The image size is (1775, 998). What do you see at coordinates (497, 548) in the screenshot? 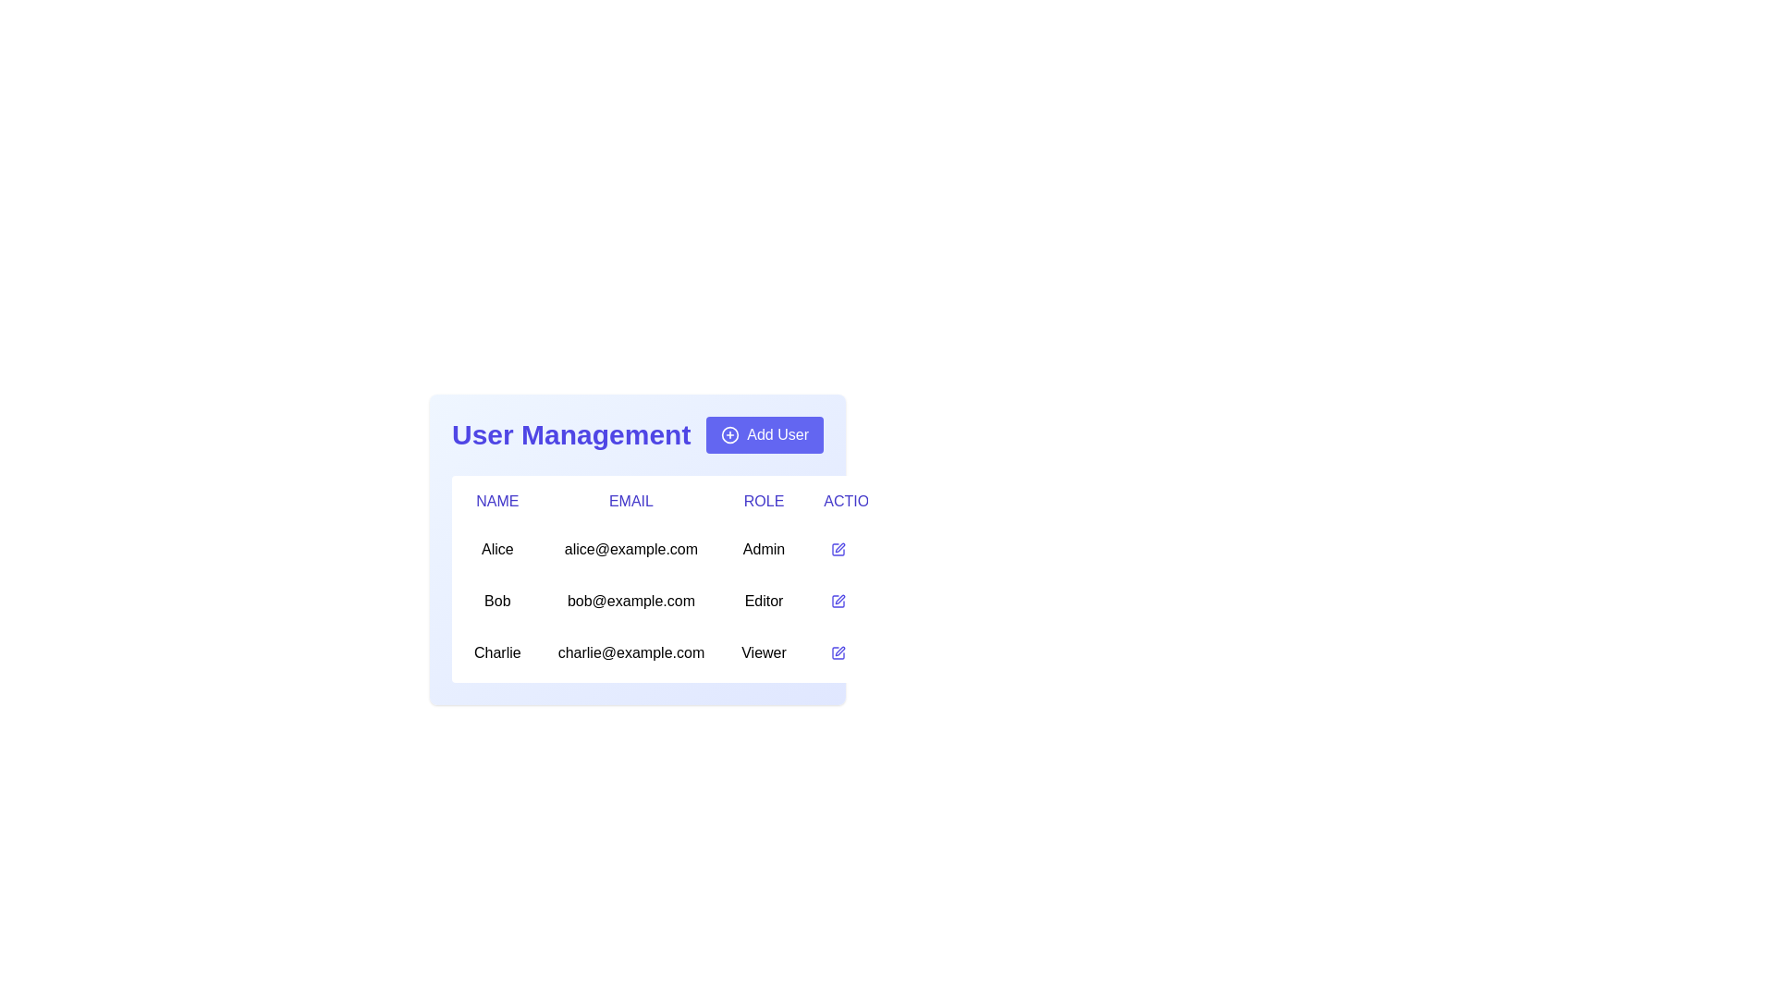
I see `the text label displaying the name 'Alice', which is the first item in the 'NAME' column of the user management table` at bounding box center [497, 548].